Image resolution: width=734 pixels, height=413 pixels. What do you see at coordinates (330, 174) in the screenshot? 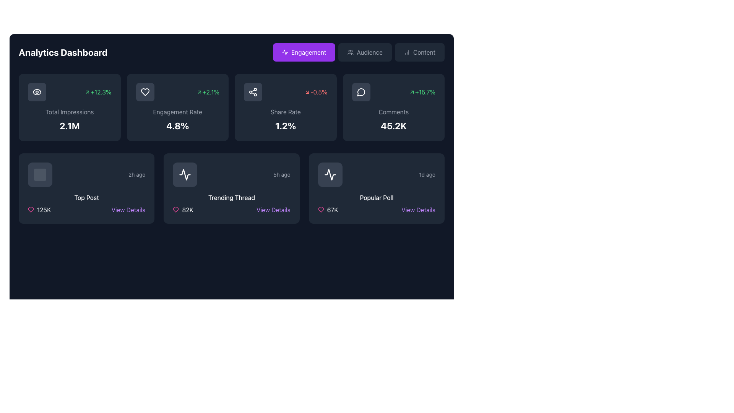
I see `the activity icon shaped like a stylized sine wave located in the 'Popular Poll' card on the bottom row of the dashboard interface` at bounding box center [330, 174].